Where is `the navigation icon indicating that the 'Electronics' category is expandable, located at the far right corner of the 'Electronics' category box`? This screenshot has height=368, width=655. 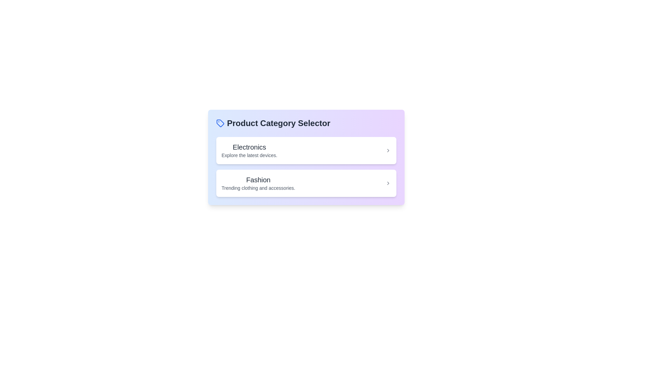 the navigation icon indicating that the 'Electronics' category is expandable, located at the far right corner of the 'Electronics' category box is located at coordinates (388, 150).